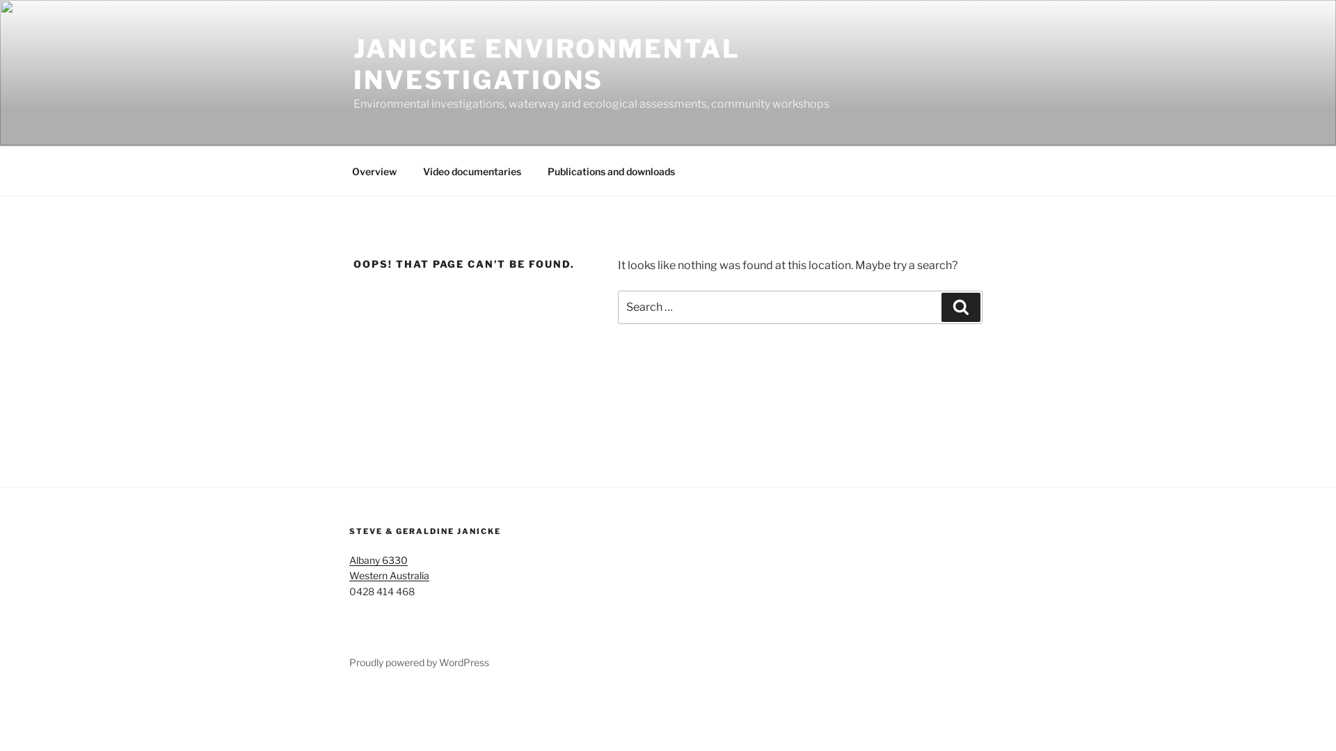 The image size is (1336, 751). Describe the element at coordinates (941, 307) in the screenshot. I see `'Search'` at that location.